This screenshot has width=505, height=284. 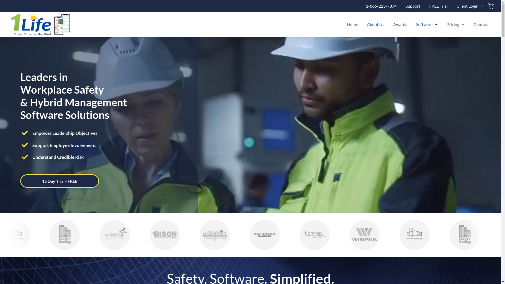 What do you see at coordinates (305, 235) in the screenshot?
I see `'Foreman Honda'` at bounding box center [305, 235].